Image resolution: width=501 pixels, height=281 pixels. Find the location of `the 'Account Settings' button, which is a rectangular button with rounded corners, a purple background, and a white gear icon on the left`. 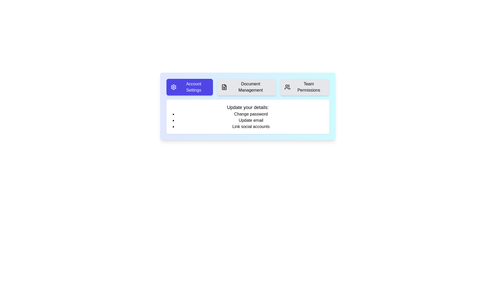

the 'Account Settings' button, which is a rectangular button with rounded corners, a purple background, and a white gear icon on the left is located at coordinates (189, 87).